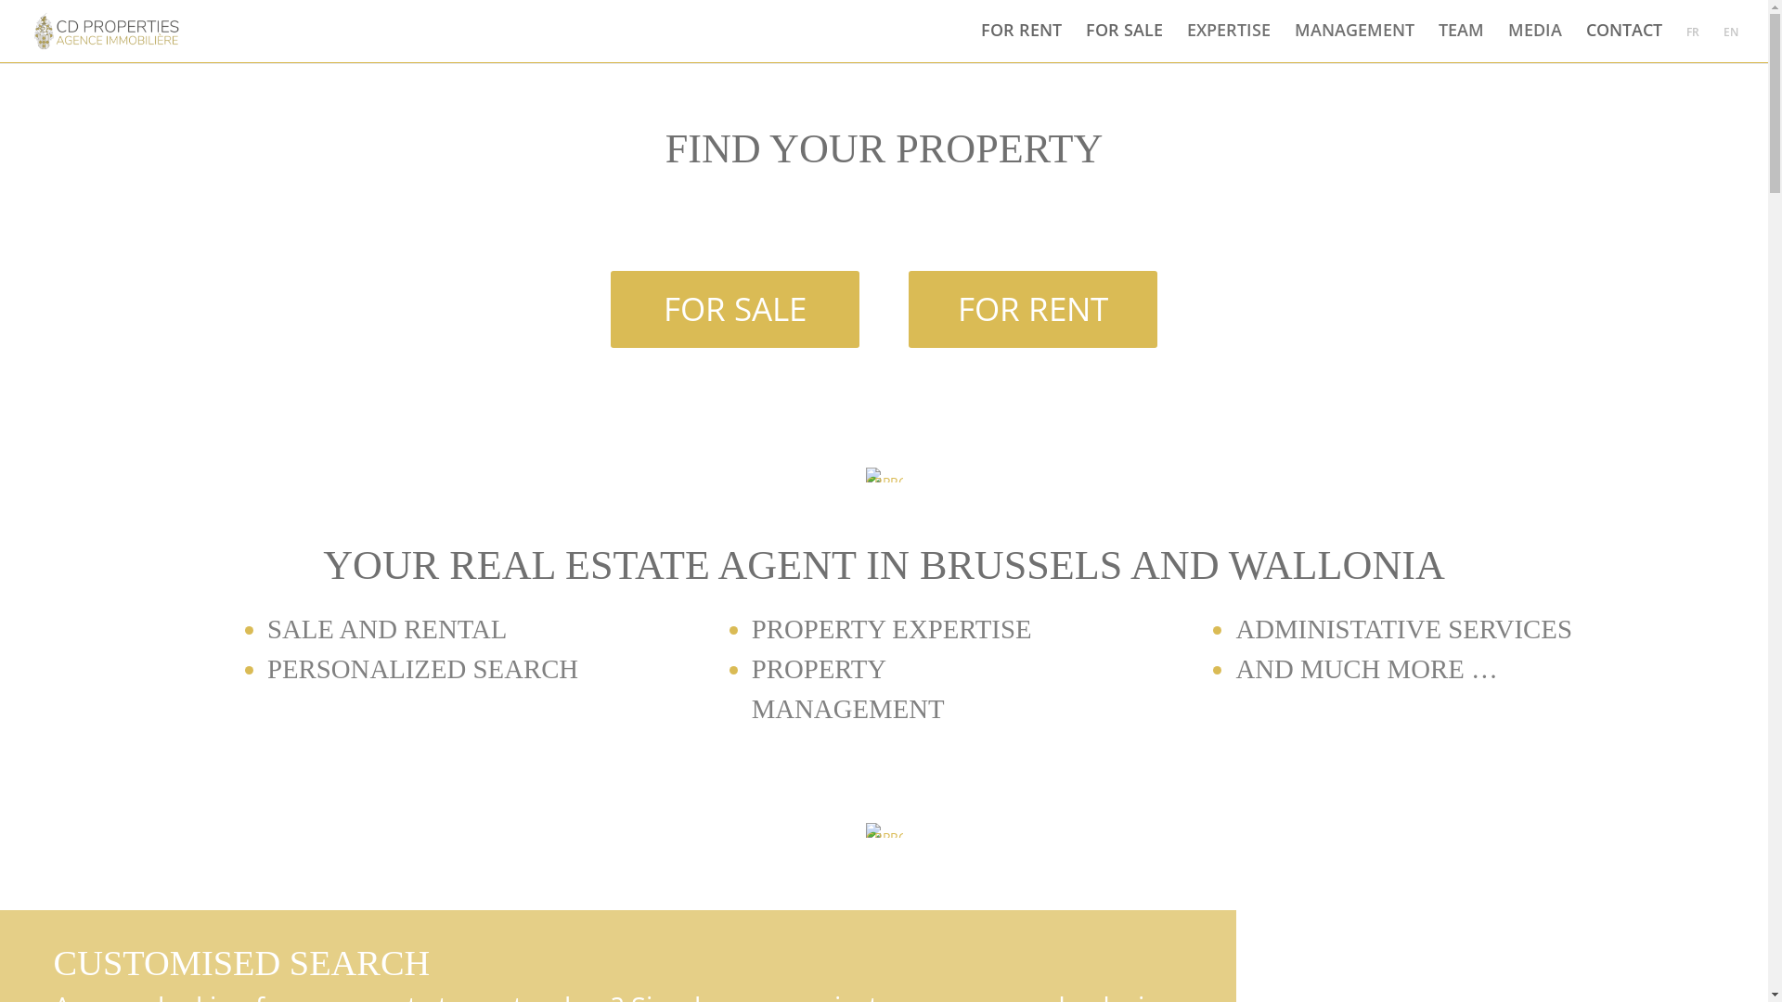  What do you see at coordinates (1229, 41) in the screenshot?
I see `'EXPERTISE'` at bounding box center [1229, 41].